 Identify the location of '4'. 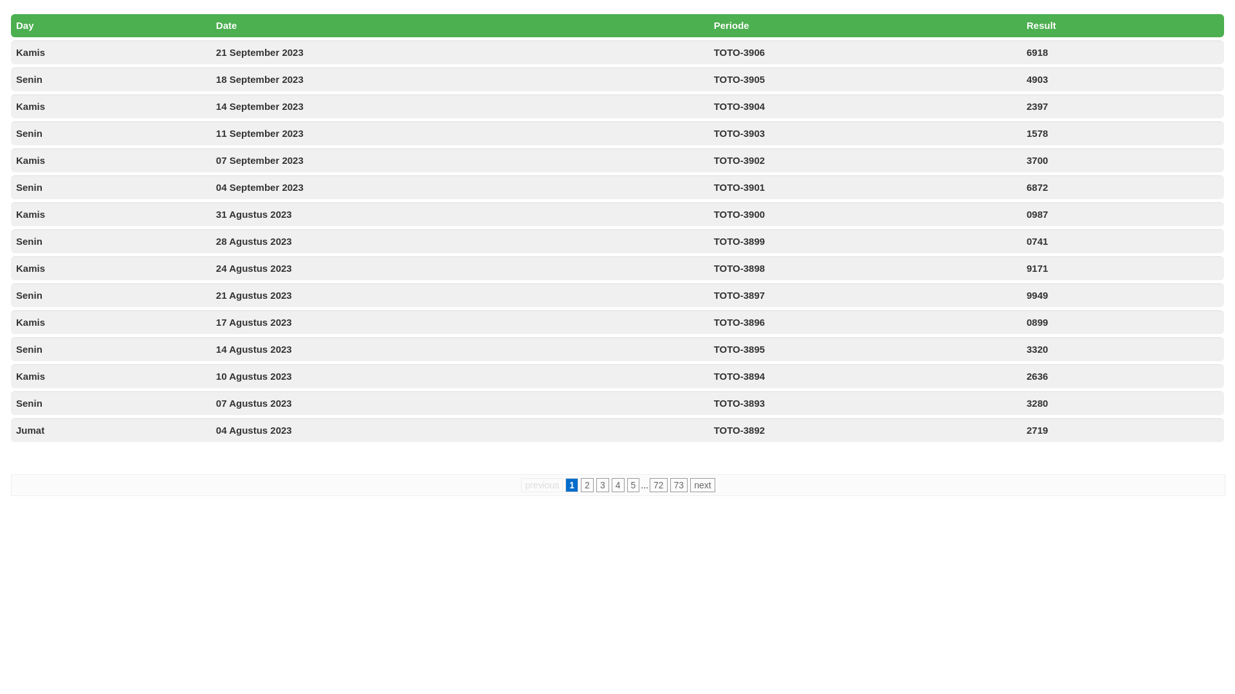
(617, 485).